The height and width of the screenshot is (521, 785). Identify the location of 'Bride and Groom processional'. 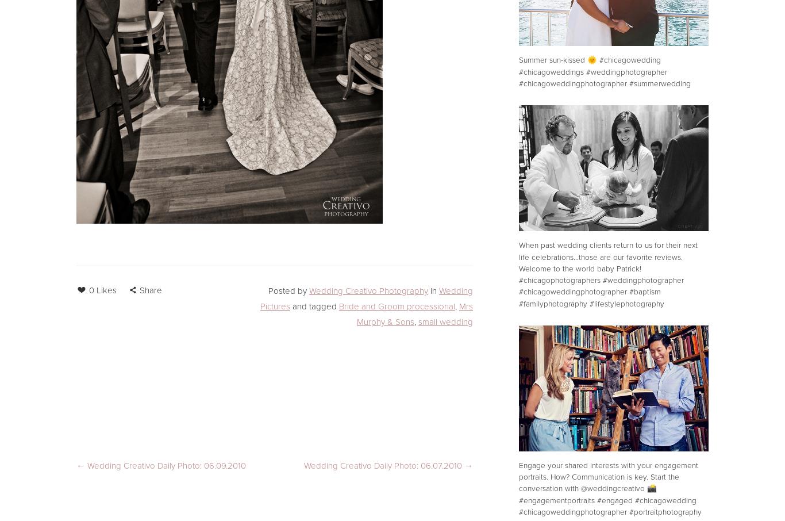
(396, 306).